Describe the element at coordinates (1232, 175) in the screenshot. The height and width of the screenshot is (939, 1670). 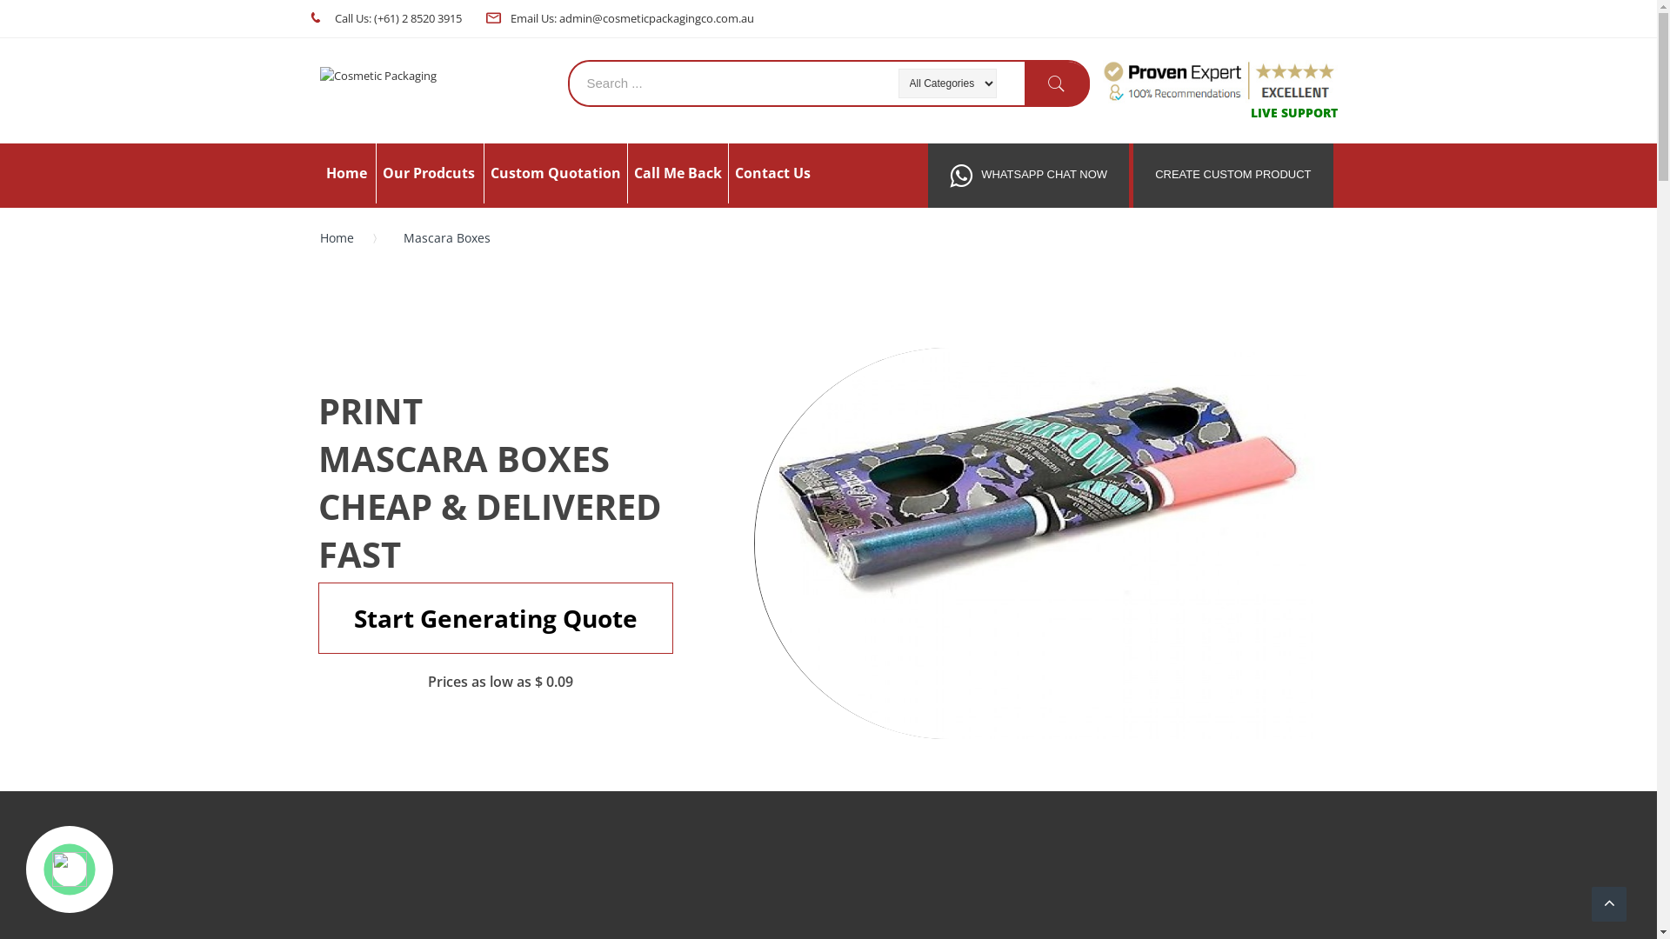
I see `'CREATE CUSTOM PRODUCT'` at that location.